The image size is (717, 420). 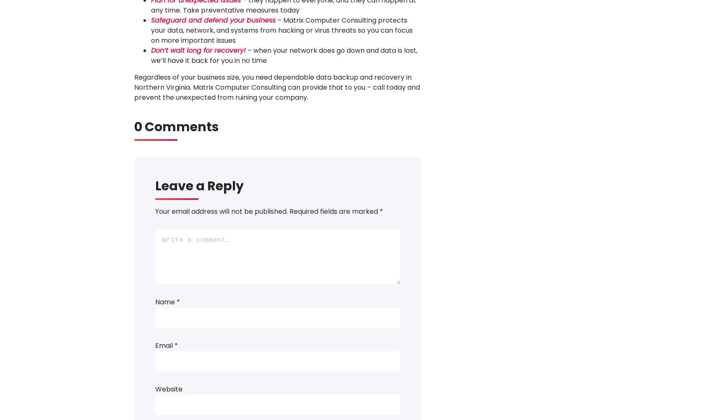 I want to click on '– when your network does go down and data is lost, we’ll have it back for you in no time', so click(x=150, y=55).